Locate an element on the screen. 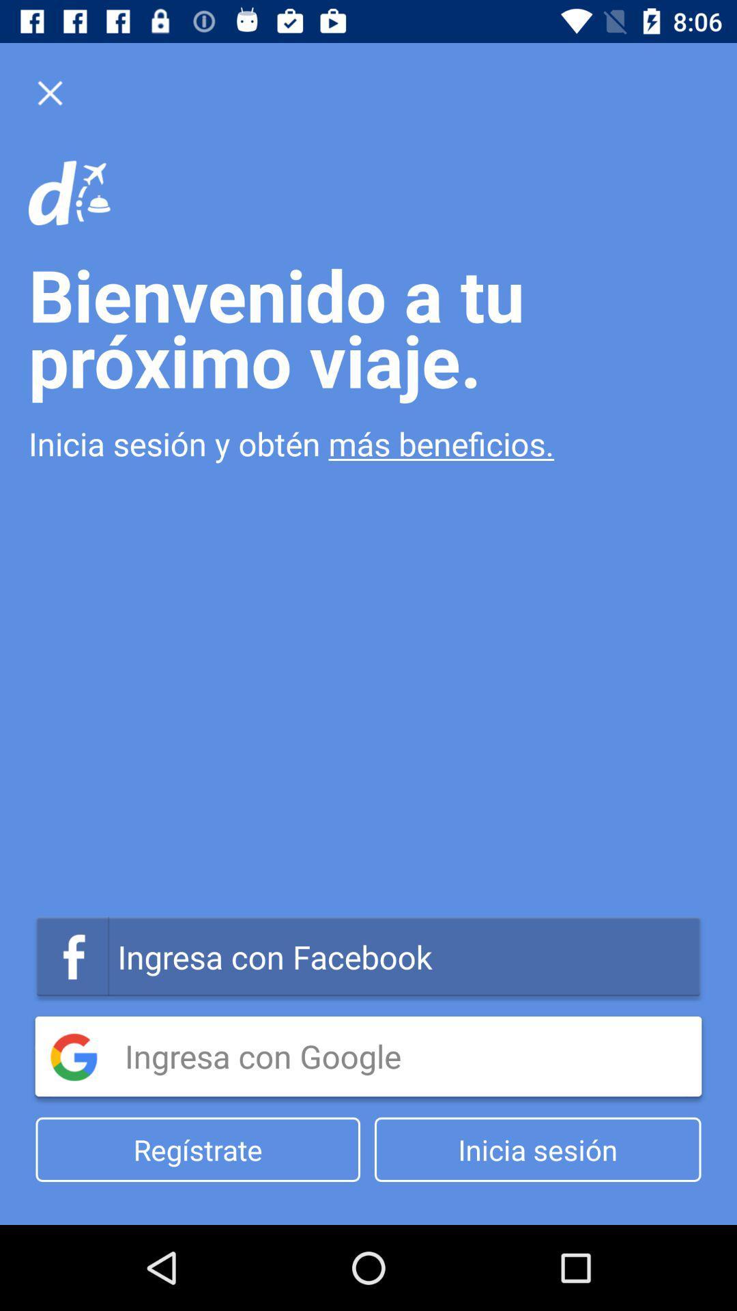  the item above ingresa con facebook is located at coordinates (369, 443).